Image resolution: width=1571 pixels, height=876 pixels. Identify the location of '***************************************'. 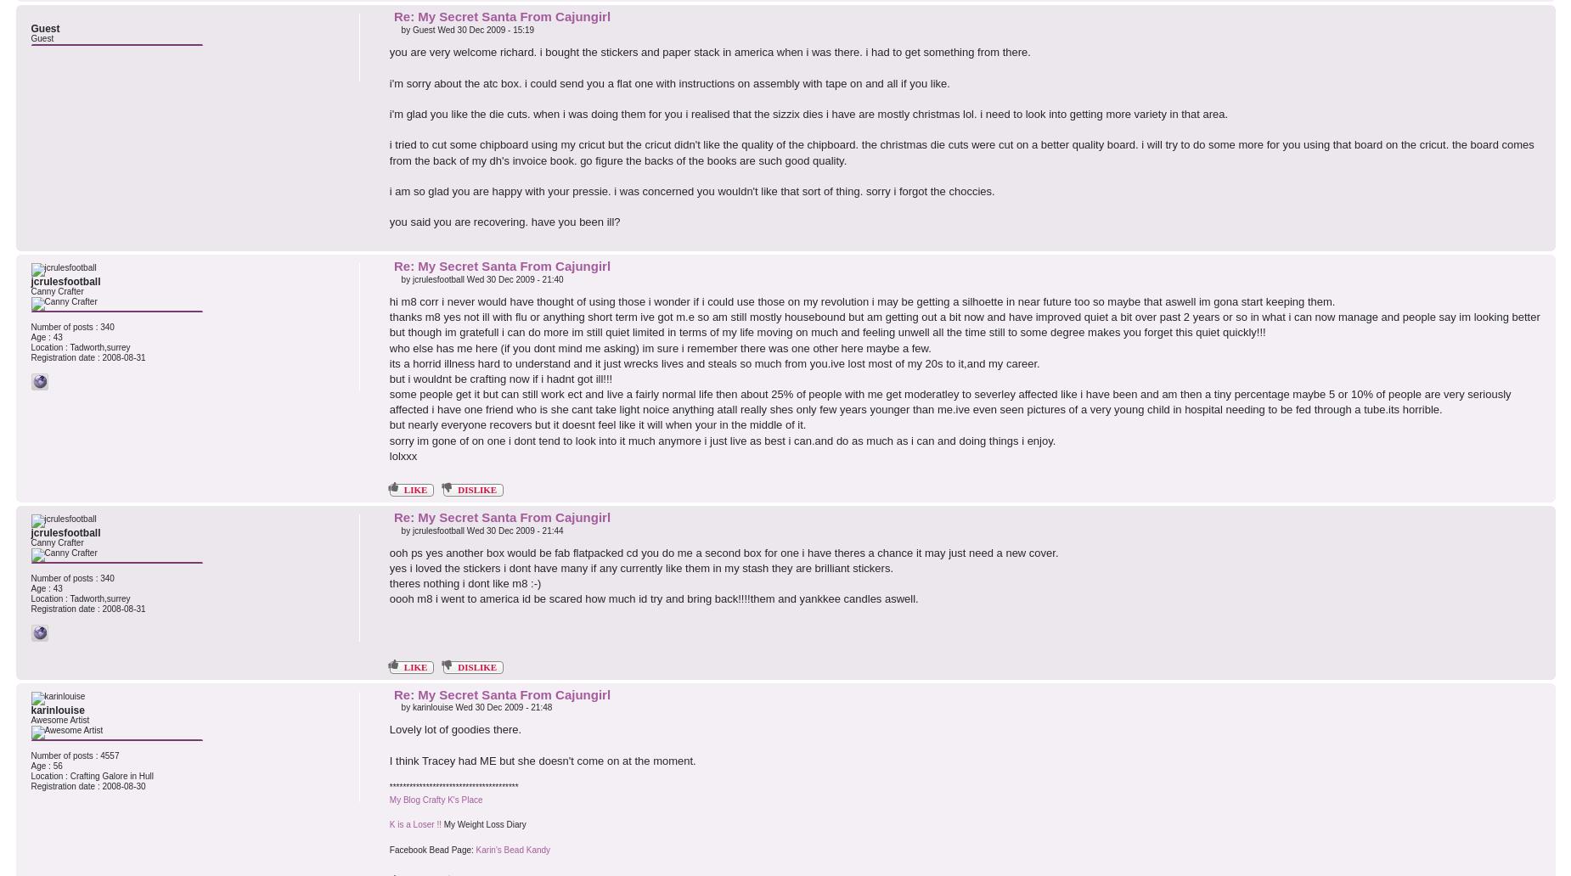
(453, 785).